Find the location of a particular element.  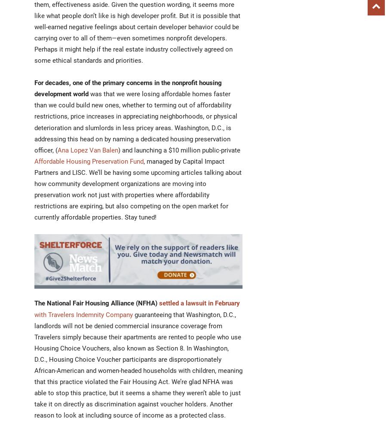

'The National Fair Housing Alliance (NFHA)' is located at coordinates (97, 303).